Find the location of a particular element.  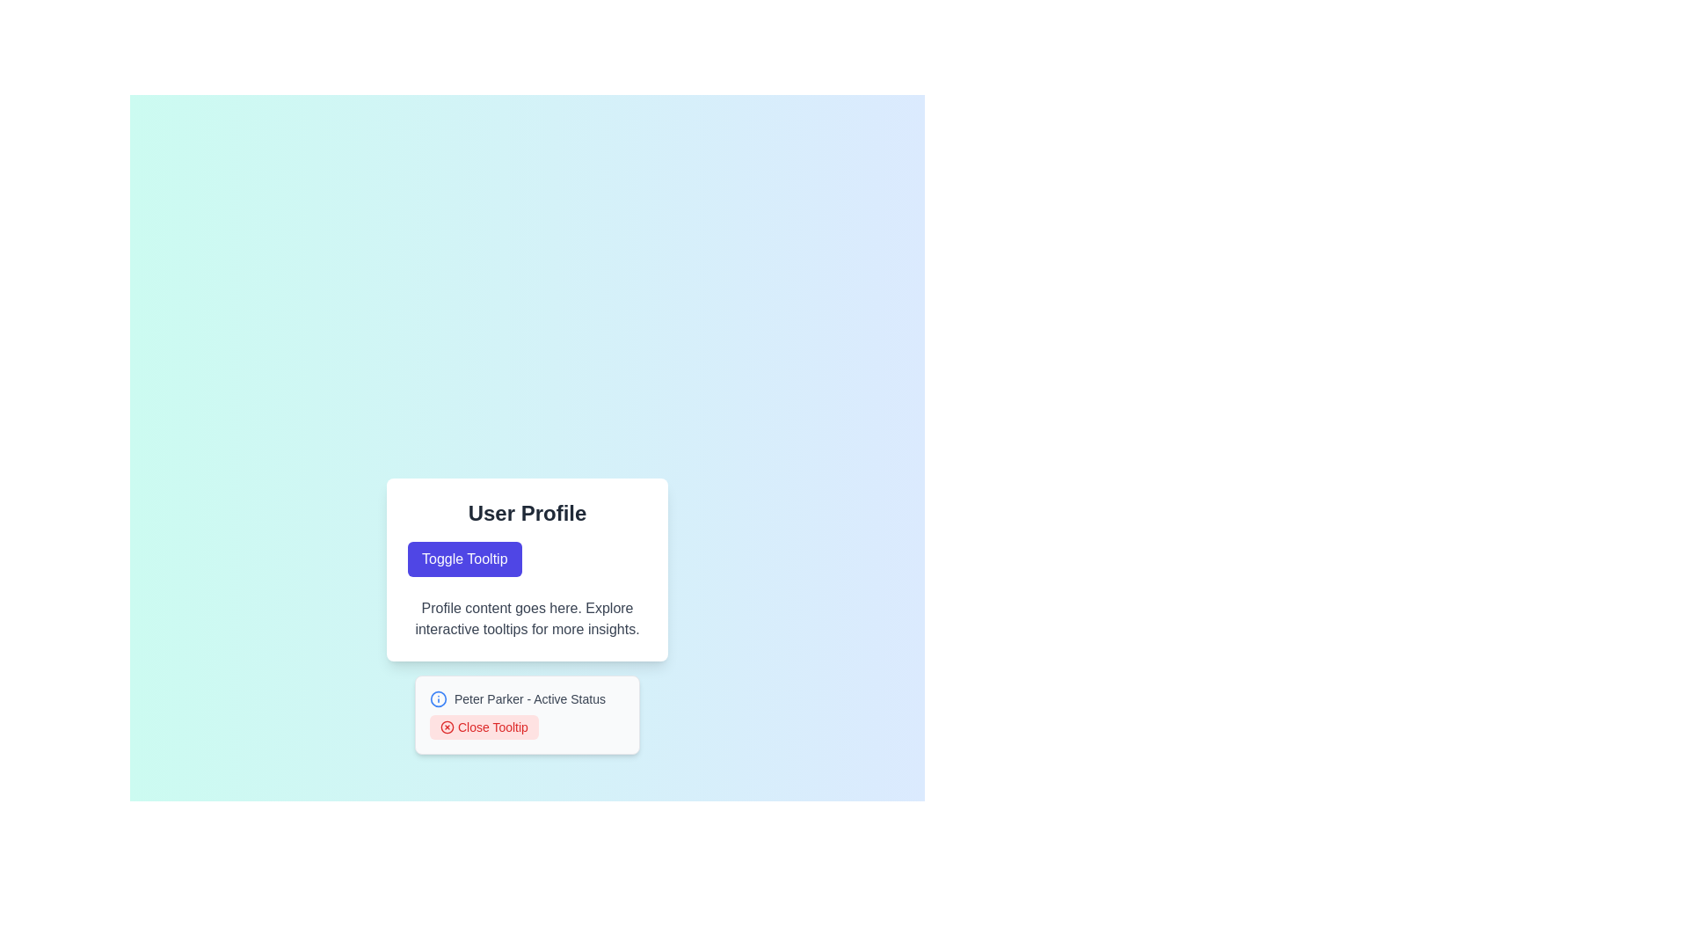

the dismiss button for the tooltip or modal labeled 'Peter Parker - Active Status', located below the text 'Peter Parker - Active Status' is located at coordinates (484, 727).